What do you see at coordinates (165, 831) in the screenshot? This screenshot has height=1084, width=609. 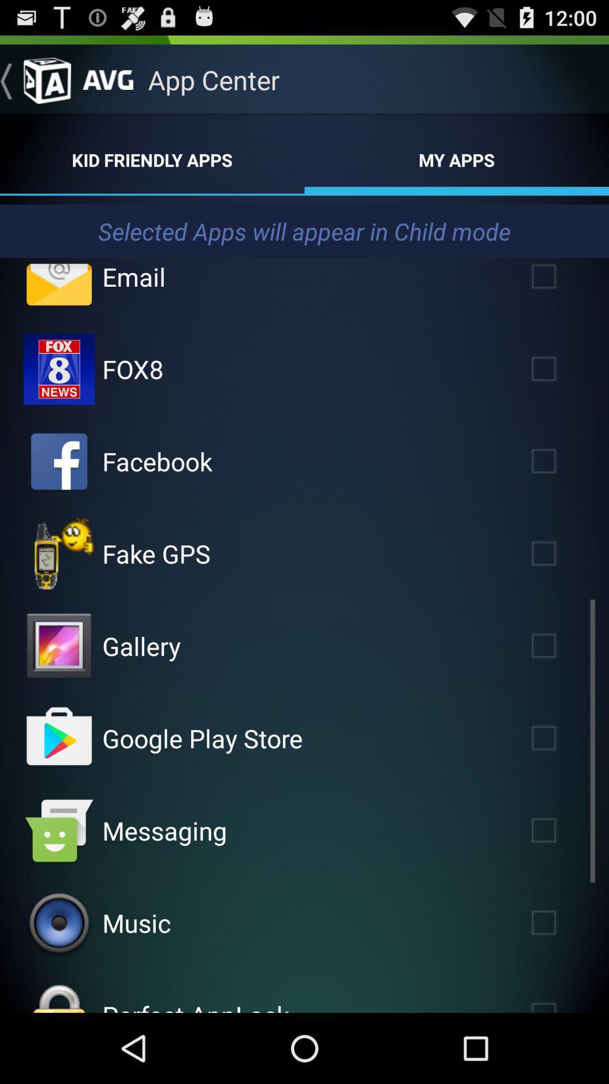 I see `item below google play store` at bounding box center [165, 831].